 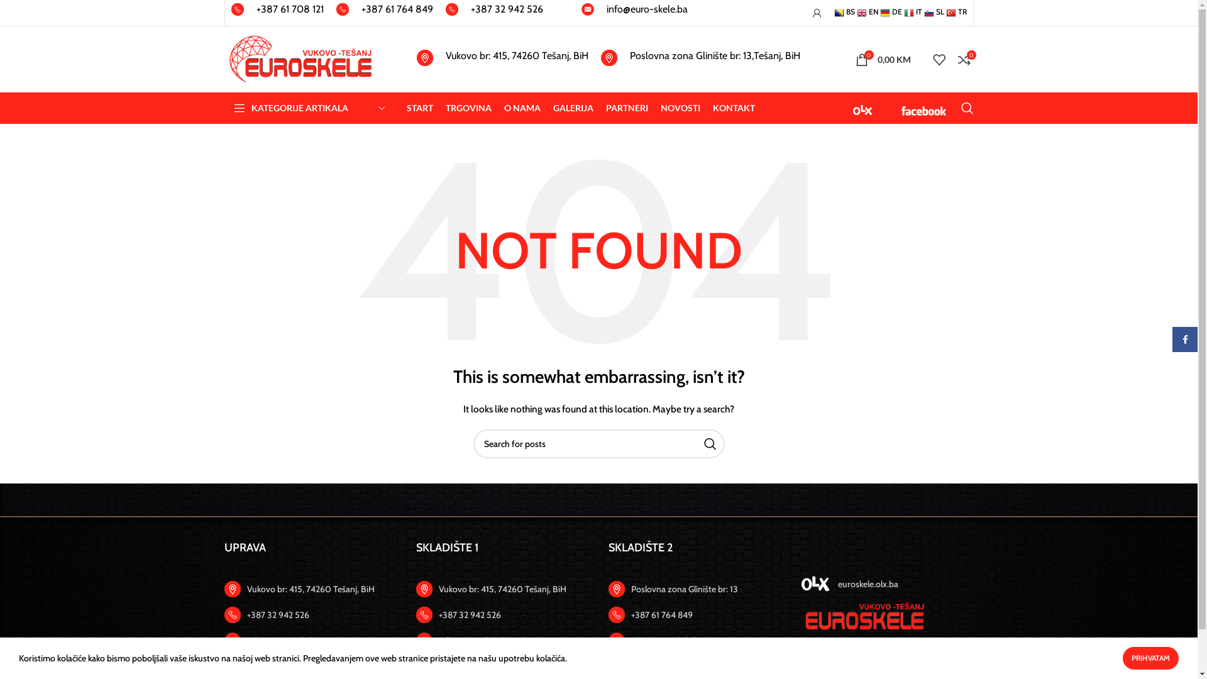 What do you see at coordinates (903, 11) in the screenshot?
I see `'IT'` at bounding box center [903, 11].